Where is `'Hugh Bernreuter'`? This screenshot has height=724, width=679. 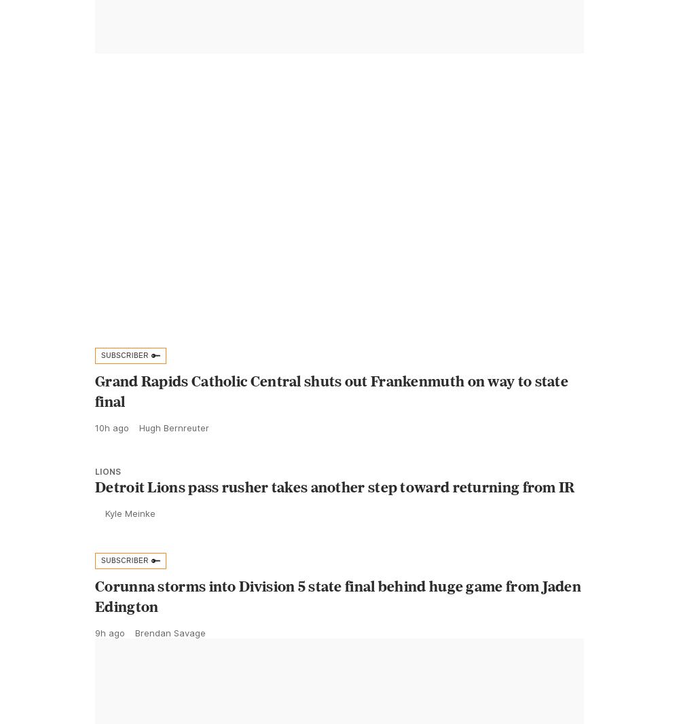
'Hugh Bernreuter' is located at coordinates (174, 457).